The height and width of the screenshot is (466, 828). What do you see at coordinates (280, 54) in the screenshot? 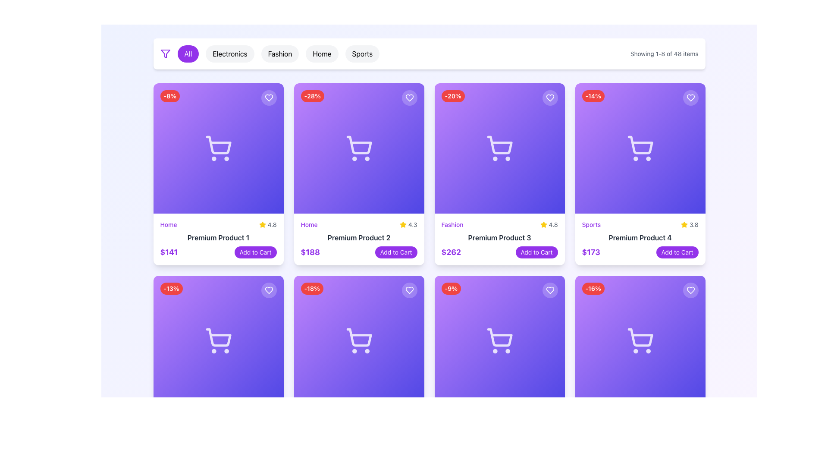
I see `the 'Fashion' category button, which is the third button in a horizontal row located between the 'Electronics' button and the 'Home' button, positioned towards the top-center of the page` at bounding box center [280, 54].